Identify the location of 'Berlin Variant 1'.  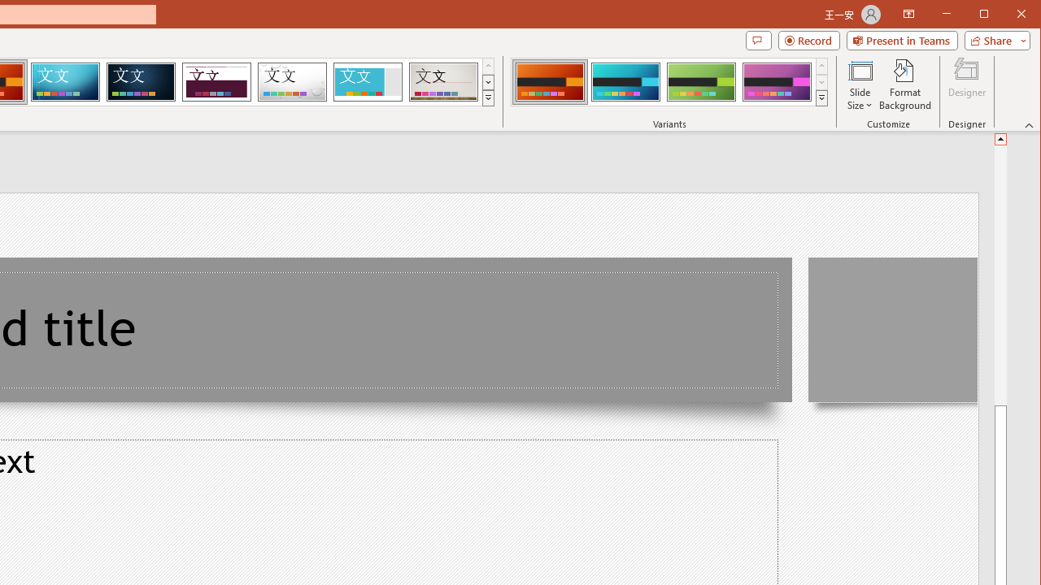
(550, 81).